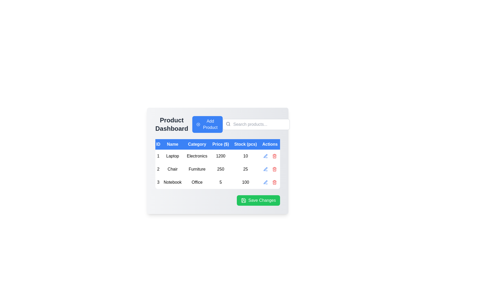 Image resolution: width=503 pixels, height=283 pixels. I want to click on the circular icon with a plus symbol in the center, so click(198, 124).